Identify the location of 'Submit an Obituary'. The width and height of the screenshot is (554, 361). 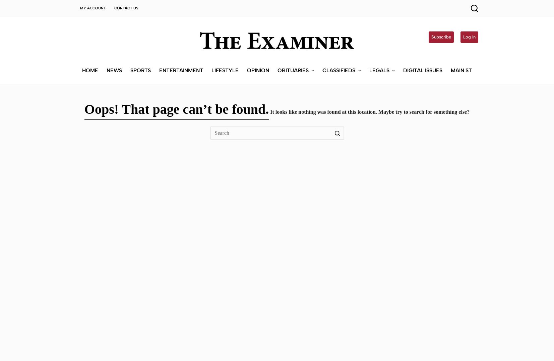
(300, 49).